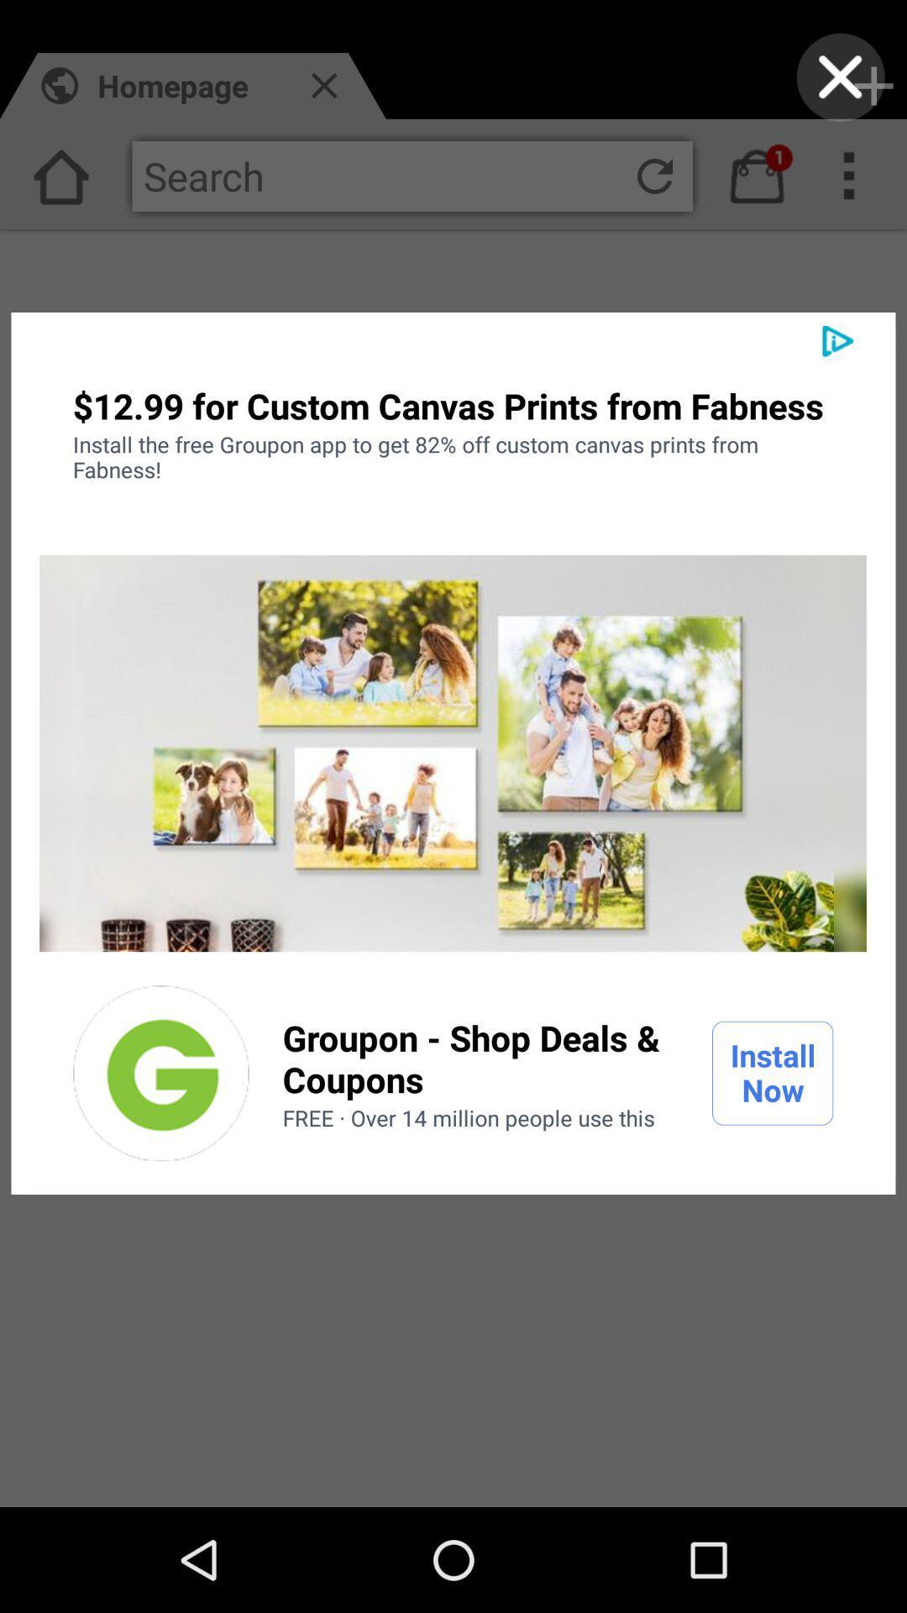  What do you see at coordinates (161, 1072) in the screenshot?
I see `the item to the left of the groupon shop deals icon` at bounding box center [161, 1072].